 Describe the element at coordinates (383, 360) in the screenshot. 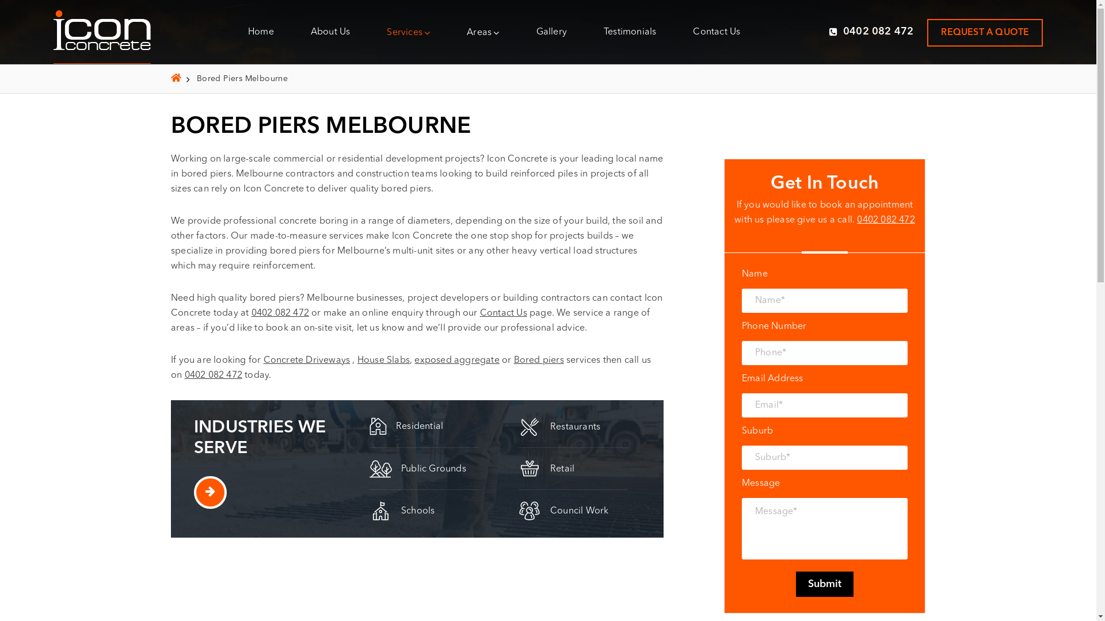

I see `'House Slabs'` at that location.